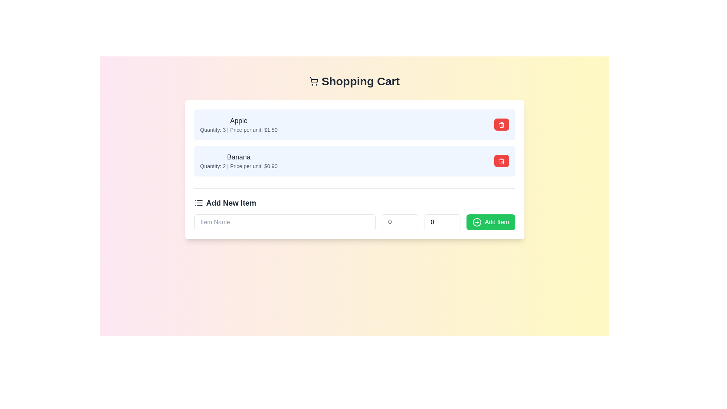 This screenshot has width=727, height=409. Describe the element at coordinates (477, 222) in the screenshot. I see `the circular green outlined icon that is centrally located within the '+' sign of the 'Add Item' button at the bottom right corner of the 'Add New Item' section` at that location.